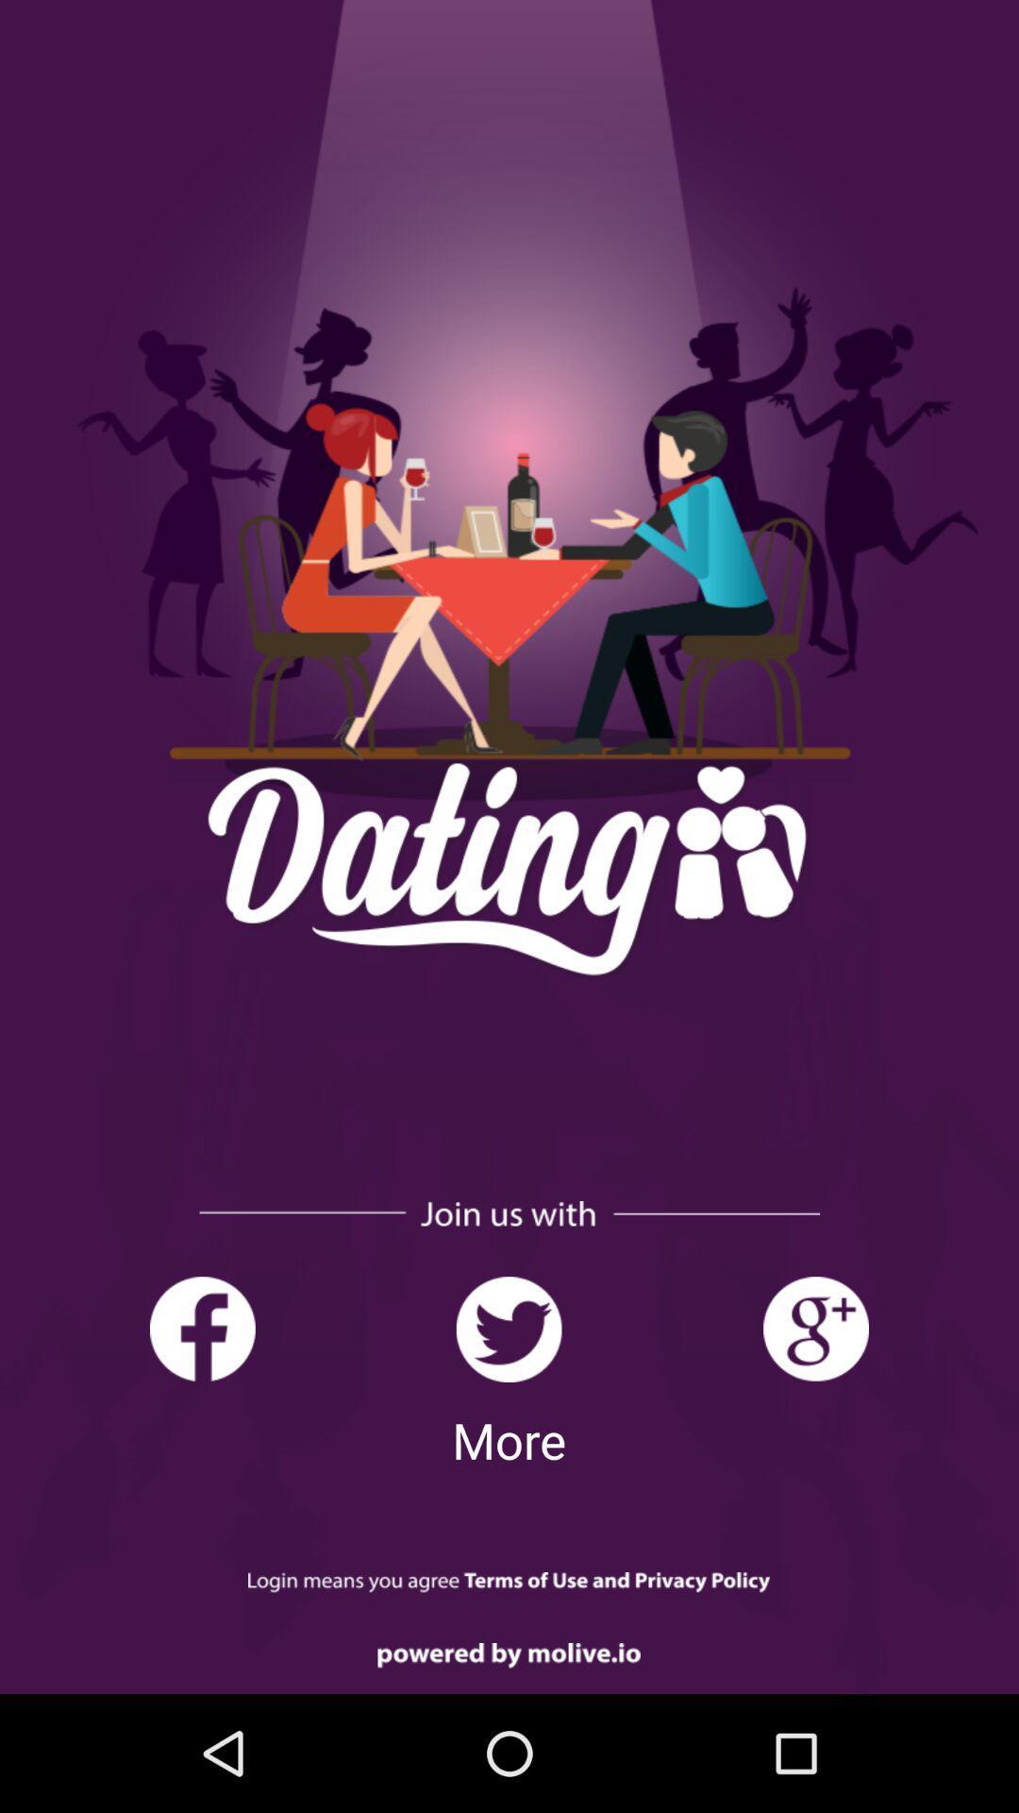 The width and height of the screenshot is (1019, 1813). Describe the element at coordinates (202, 1329) in the screenshot. I see `facebook page` at that location.